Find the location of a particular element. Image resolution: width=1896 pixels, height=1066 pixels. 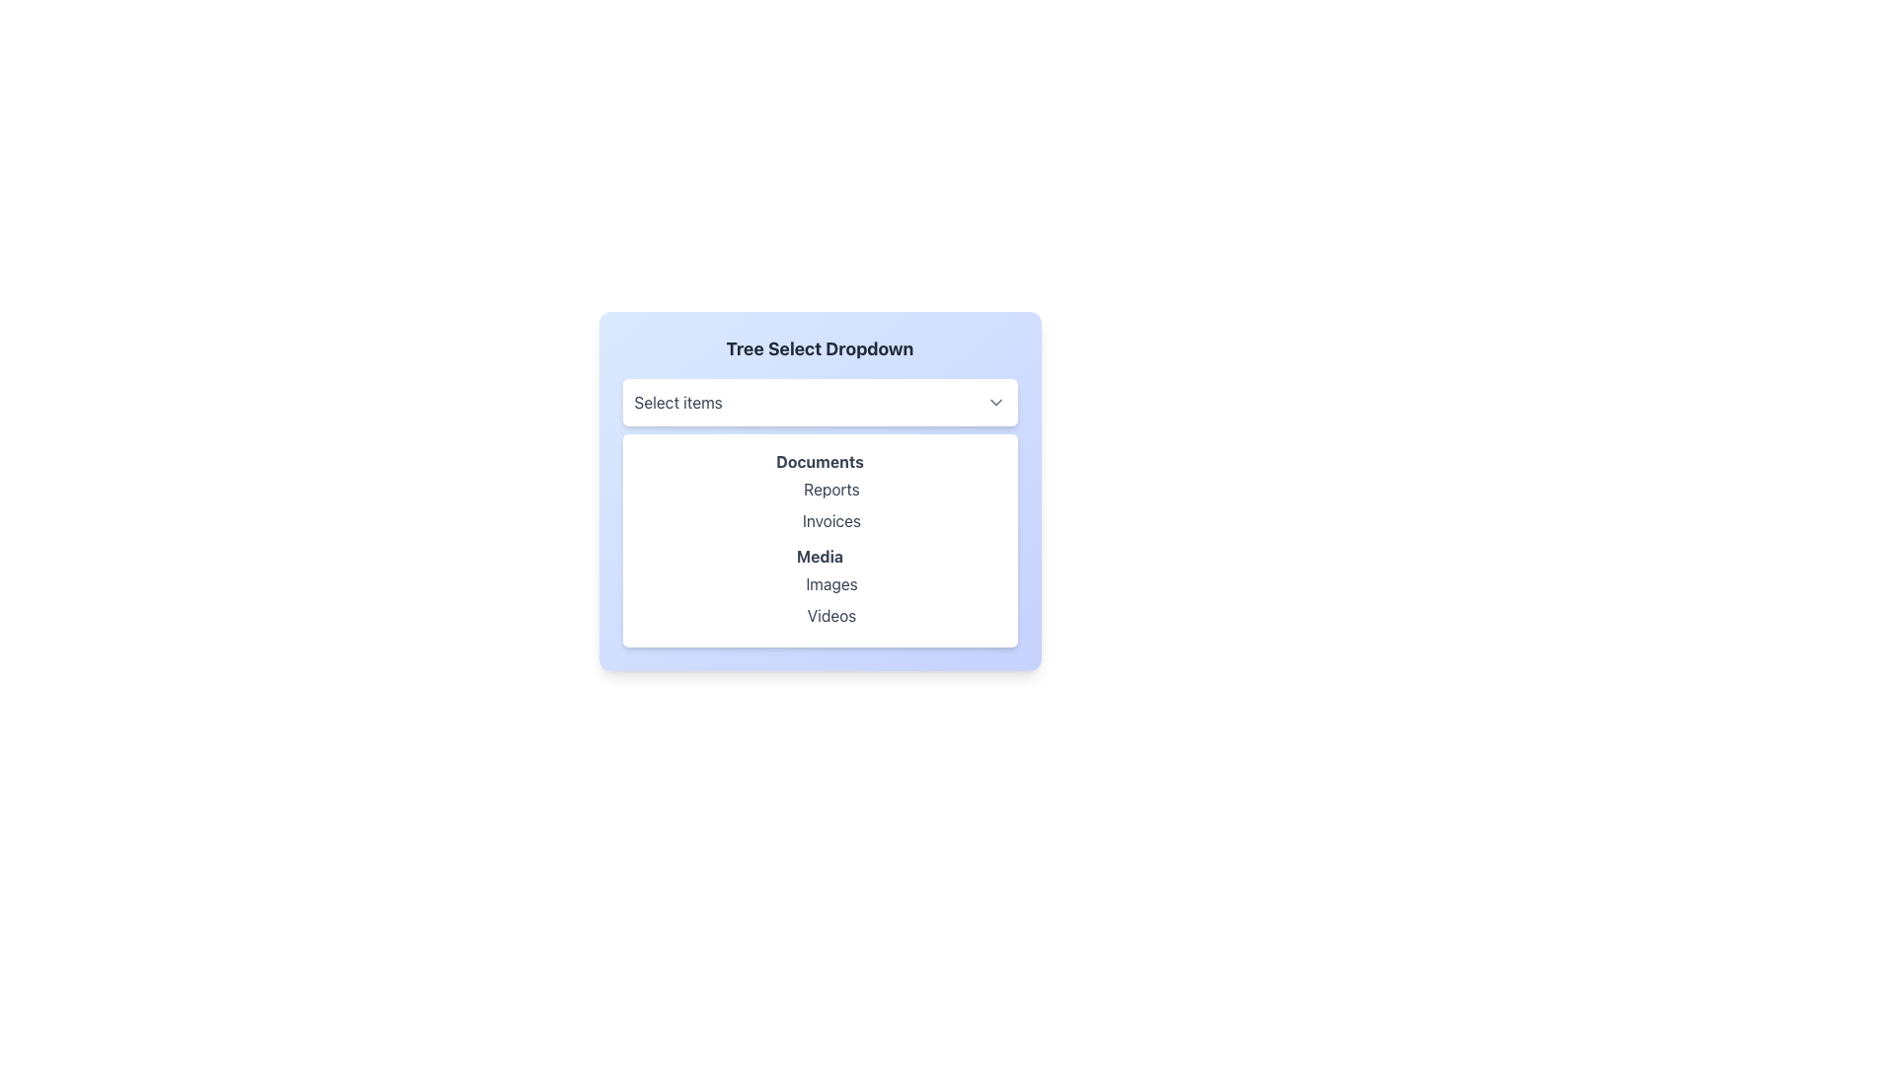

the 'Videos' text label in the dropdown menu is located at coordinates (828, 615).